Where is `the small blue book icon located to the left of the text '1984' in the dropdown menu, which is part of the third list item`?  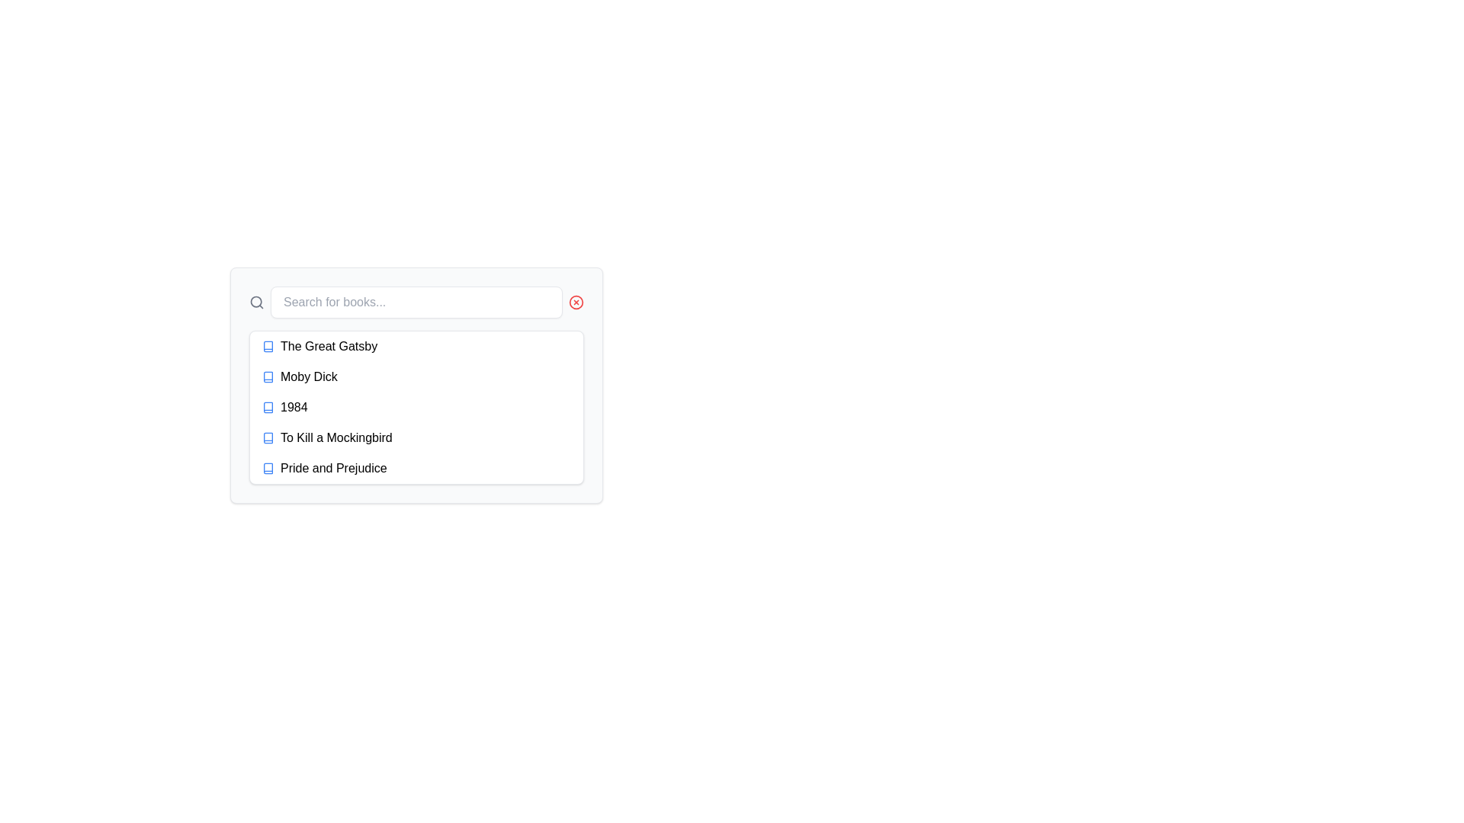
the small blue book icon located to the left of the text '1984' in the dropdown menu, which is part of the third list item is located at coordinates (268, 407).